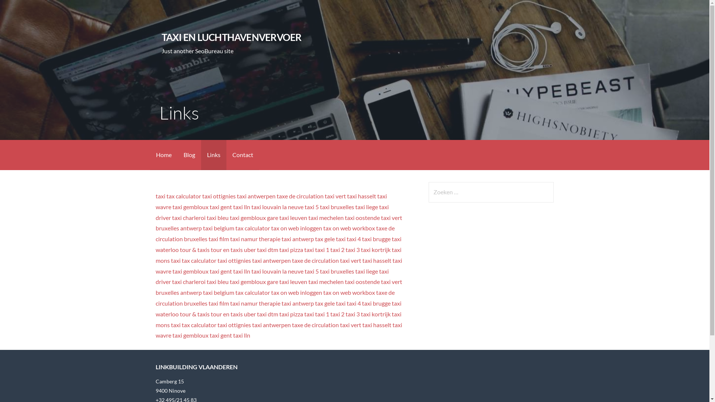 This screenshot has width=715, height=402. I want to click on 'taxi gembloux', so click(190, 207).